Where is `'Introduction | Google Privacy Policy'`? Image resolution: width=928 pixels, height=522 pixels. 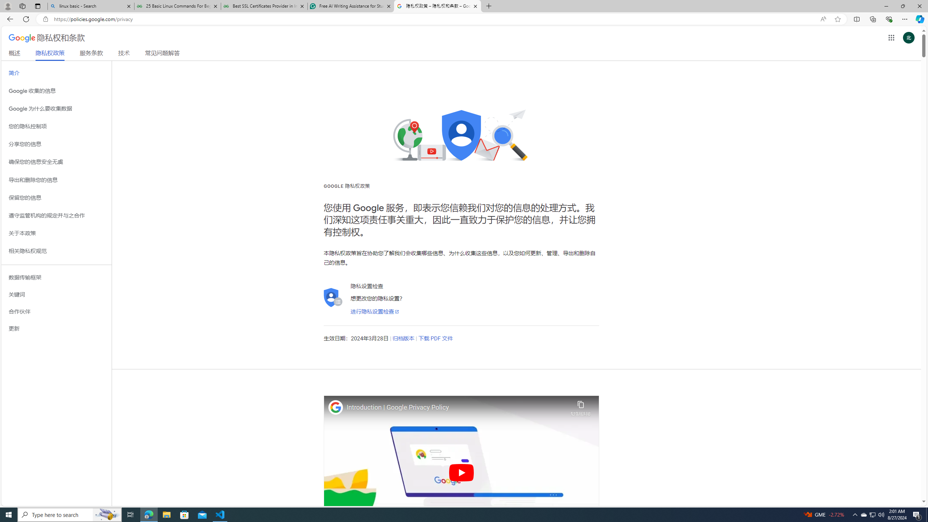
'Introduction | Google Privacy Policy' is located at coordinates (456, 407).